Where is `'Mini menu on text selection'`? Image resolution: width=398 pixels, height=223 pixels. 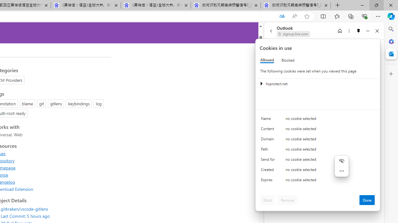
'Mini menu on text selection' is located at coordinates (341, 166).